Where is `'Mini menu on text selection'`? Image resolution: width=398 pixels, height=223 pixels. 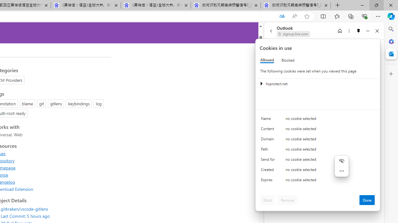
'Mini menu on text selection' is located at coordinates (341, 166).